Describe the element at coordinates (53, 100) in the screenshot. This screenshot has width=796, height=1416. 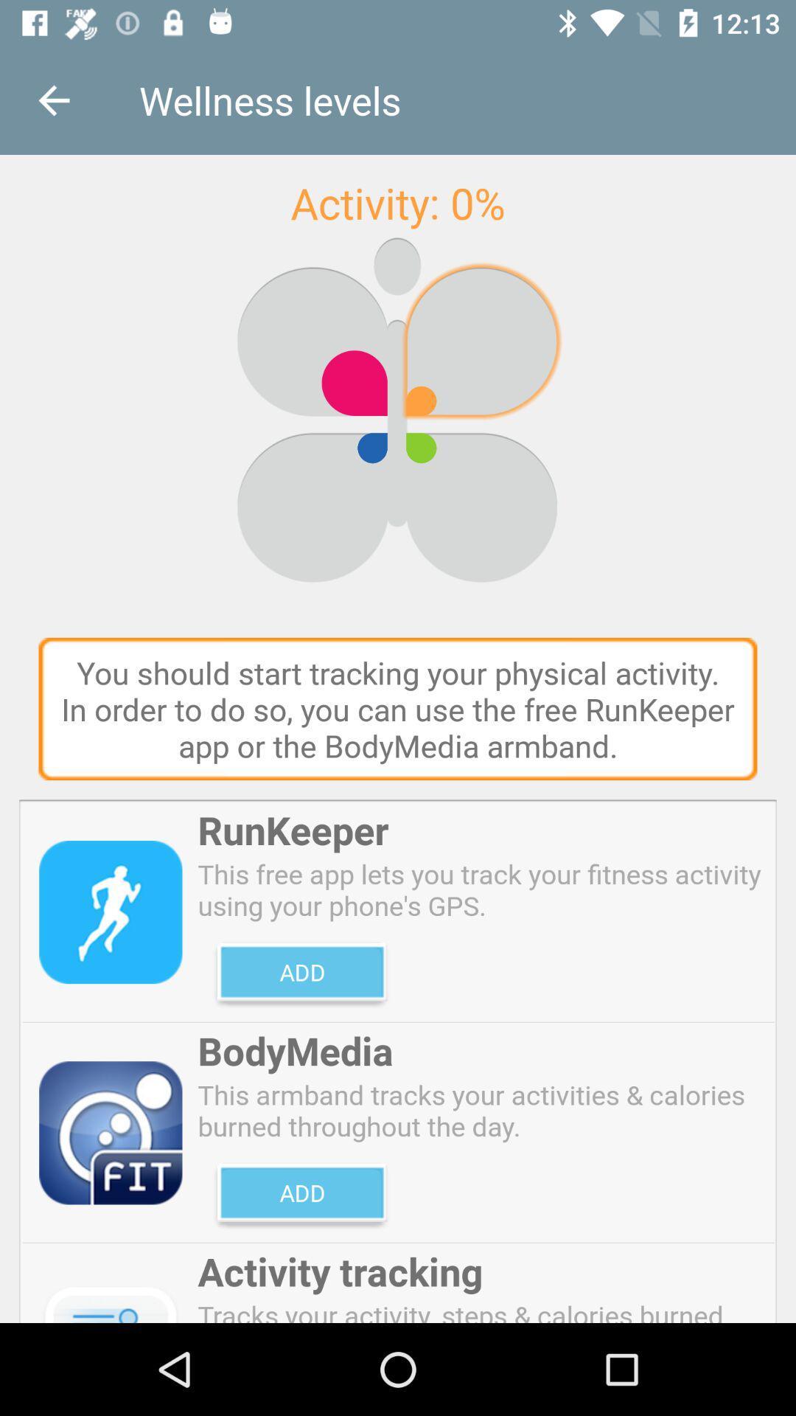
I see `icon at the top left corner` at that location.